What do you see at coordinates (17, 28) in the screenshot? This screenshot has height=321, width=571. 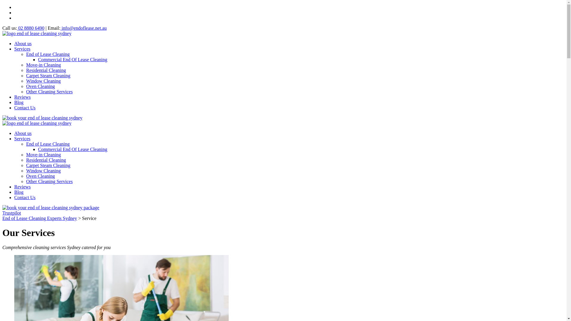 I see `'02 8880 6490'` at bounding box center [17, 28].